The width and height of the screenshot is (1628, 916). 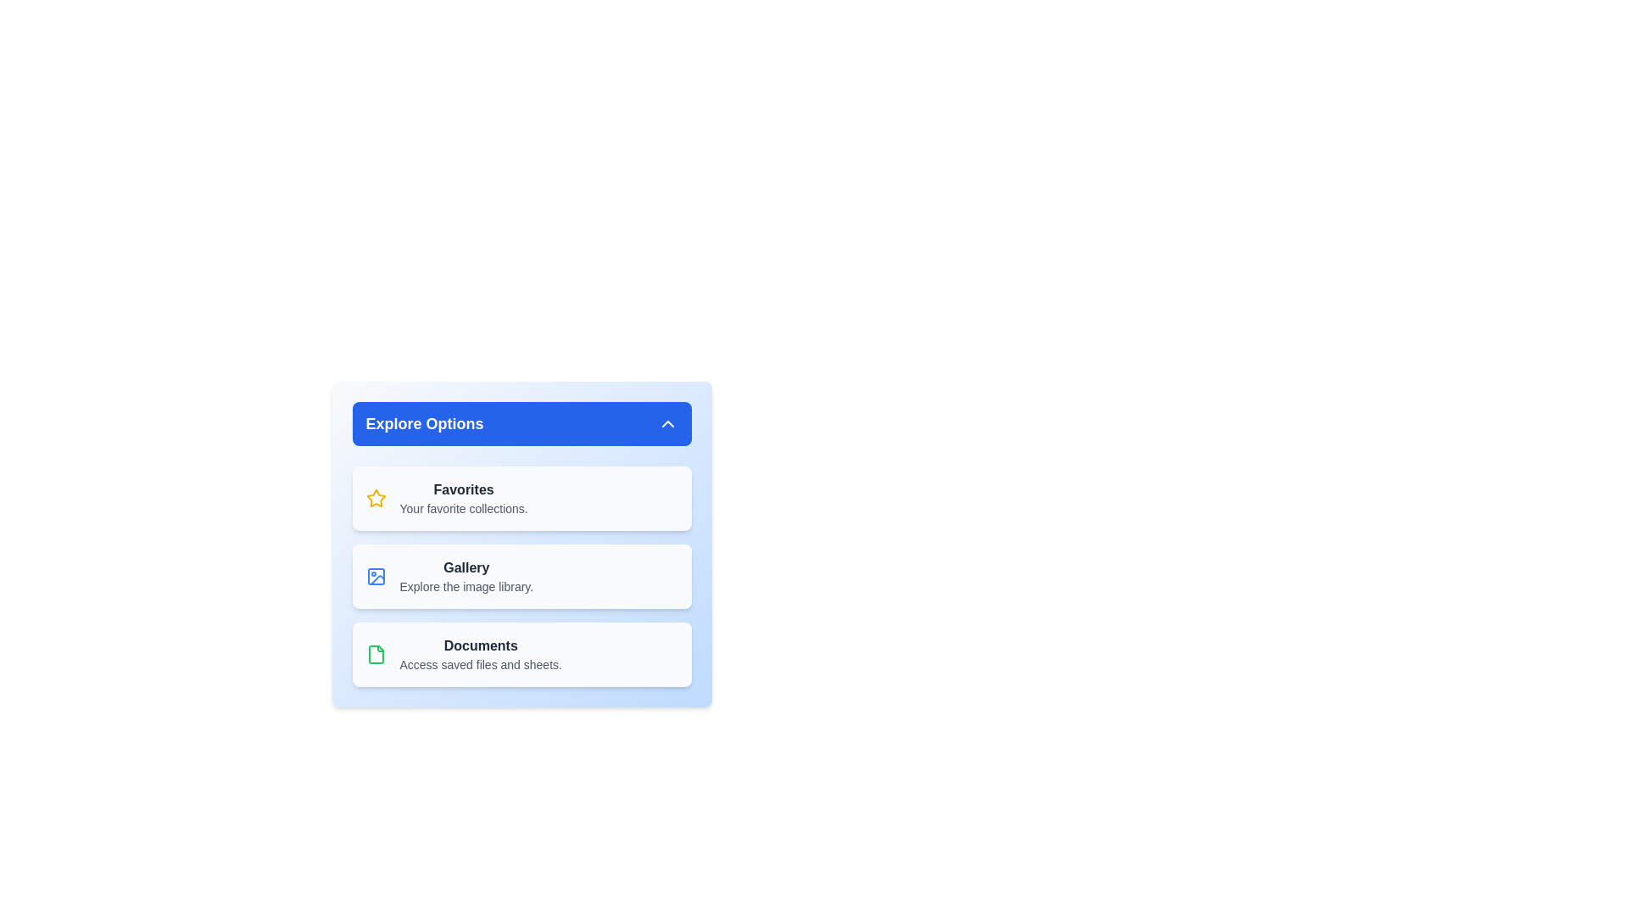 What do you see at coordinates (376, 578) in the screenshot?
I see `the 'Gallery' button icon, which is a visual indicator for exploring the image library, located at the center of the blue rectangular button` at bounding box center [376, 578].